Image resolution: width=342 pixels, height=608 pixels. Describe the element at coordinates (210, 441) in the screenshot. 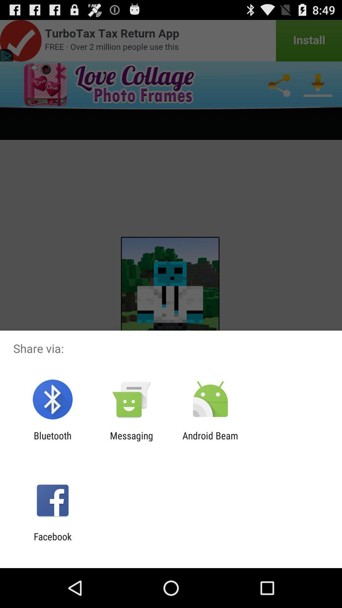

I see `app next to the messaging app` at that location.